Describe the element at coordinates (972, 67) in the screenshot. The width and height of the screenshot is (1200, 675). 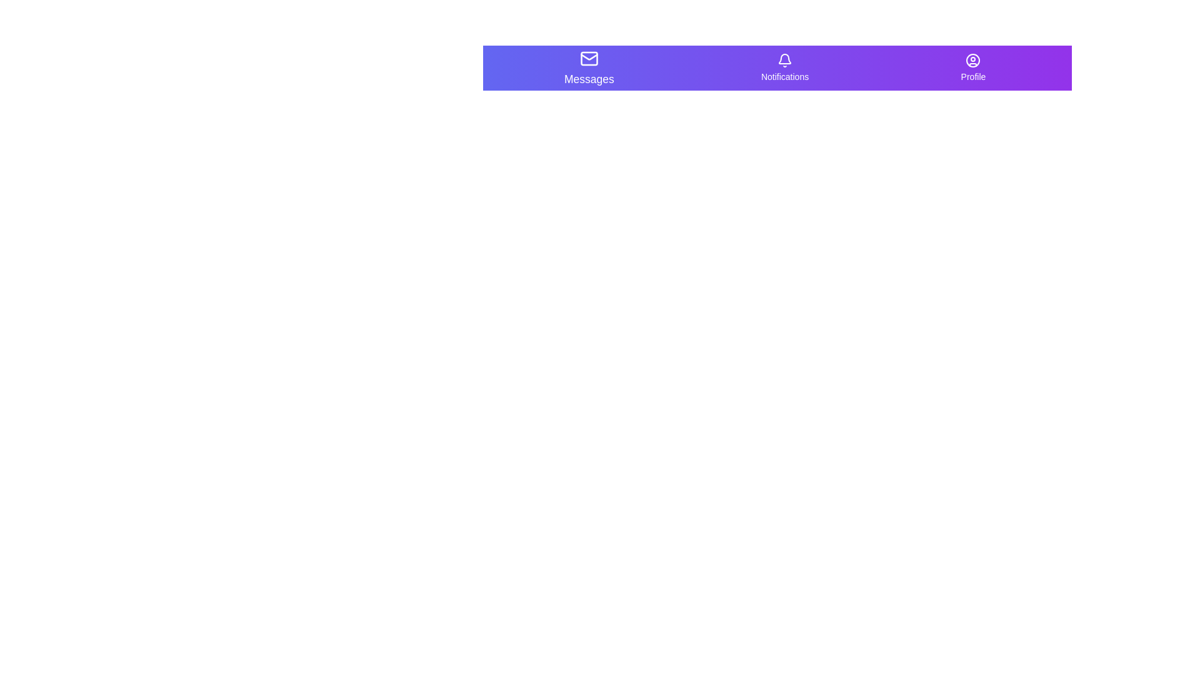
I see `the navigation item labeled Profile to select it` at that location.